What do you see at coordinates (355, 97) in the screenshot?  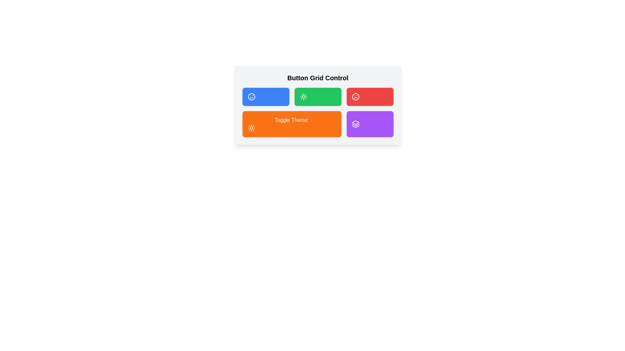 I see `central circular component of the SVG Circle Element representing a frown icon` at bounding box center [355, 97].